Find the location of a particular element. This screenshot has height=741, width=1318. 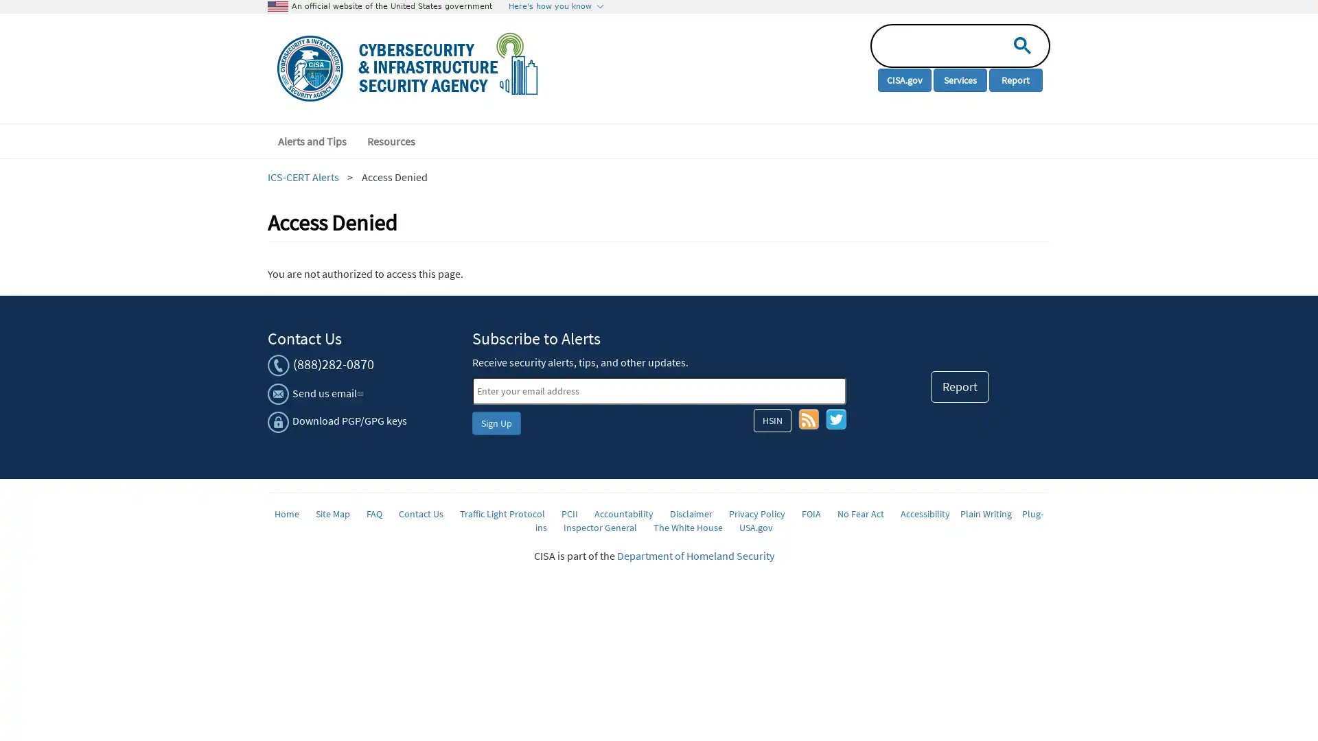

HSIN is located at coordinates (772, 419).